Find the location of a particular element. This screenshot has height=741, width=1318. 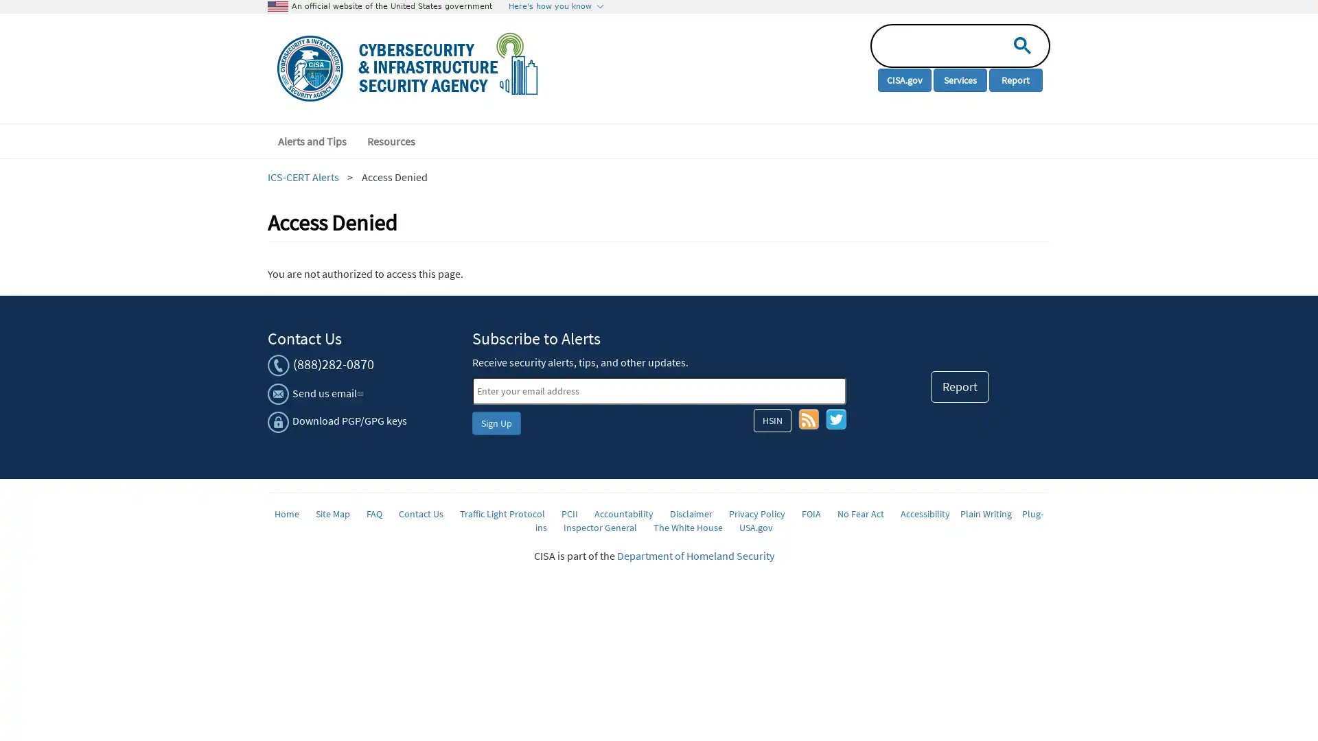

HSIN is located at coordinates (772, 419).